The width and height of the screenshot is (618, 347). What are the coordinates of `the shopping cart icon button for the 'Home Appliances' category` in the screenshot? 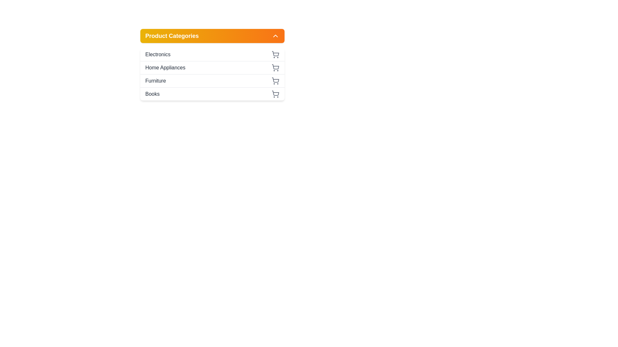 It's located at (275, 67).